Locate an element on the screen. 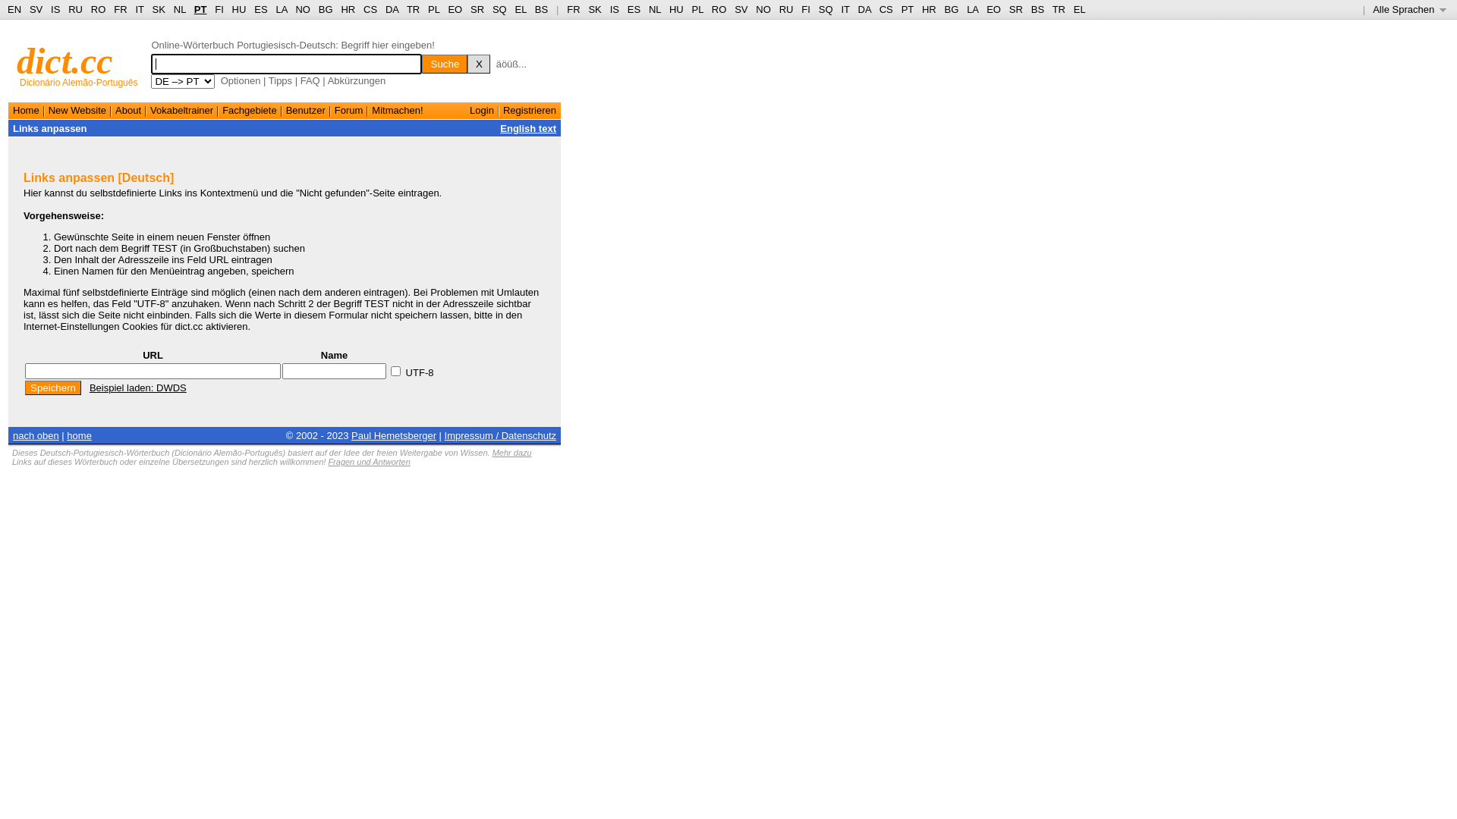 The width and height of the screenshot is (1457, 819). 'FI' is located at coordinates (801, 9).